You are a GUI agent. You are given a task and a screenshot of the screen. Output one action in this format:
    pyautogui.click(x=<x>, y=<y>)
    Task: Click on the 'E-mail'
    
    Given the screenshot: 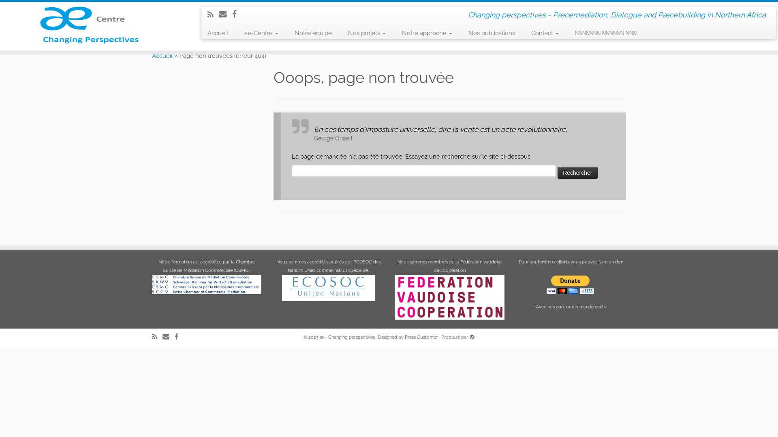 What is the action you would take?
    pyautogui.click(x=218, y=14)
    